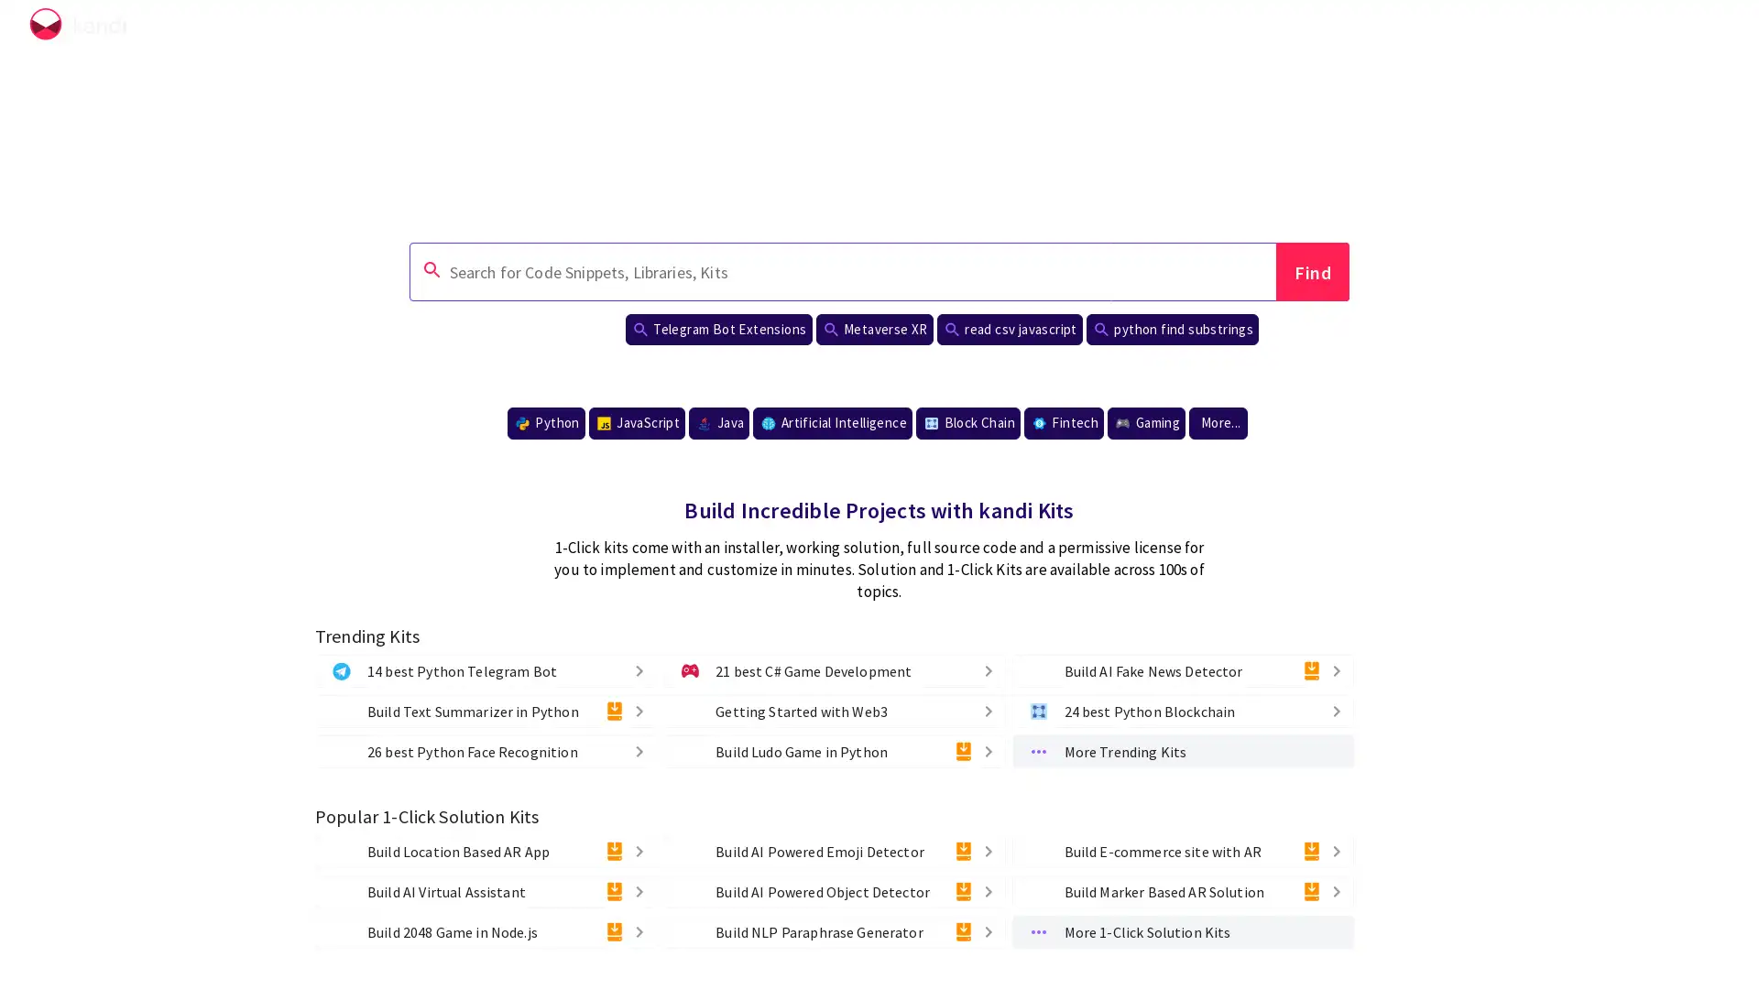 This screenshot has height=989, width=1759. I want to click on virtual-agent-example-kit Build AI Virtual Assistant, so click(486, 889).